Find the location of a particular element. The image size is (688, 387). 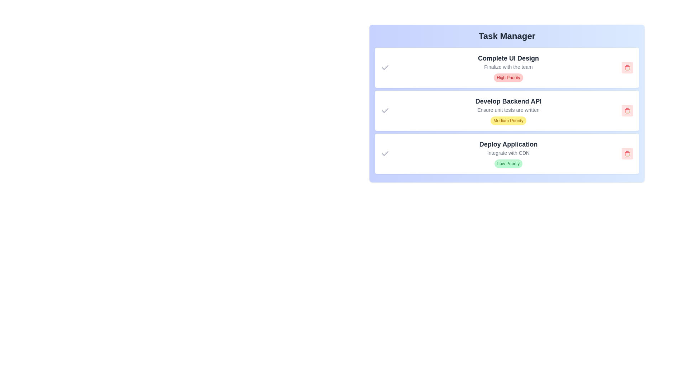

the delete button of the task with title Complete UI Design is located at coordinates (627, 68).